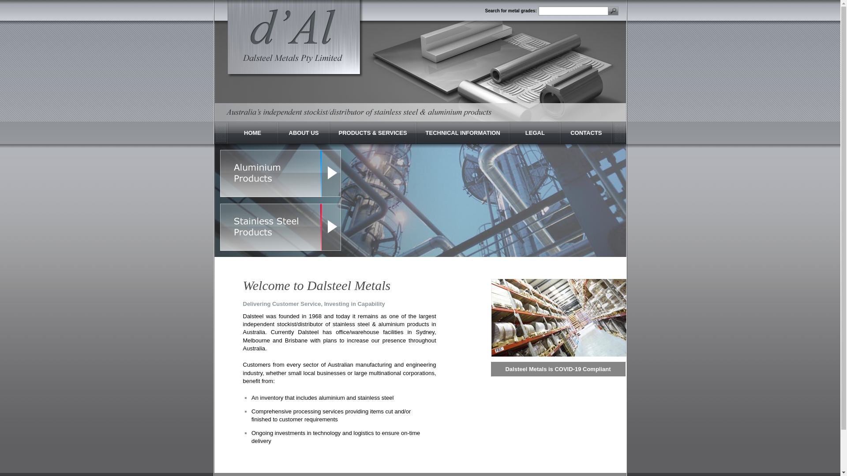 This screenshot has width=847, height=476. What do you see at coordinates (535, 133) in the screenshot?
I see `'LEGAL'` at bounding box center [535, 133].